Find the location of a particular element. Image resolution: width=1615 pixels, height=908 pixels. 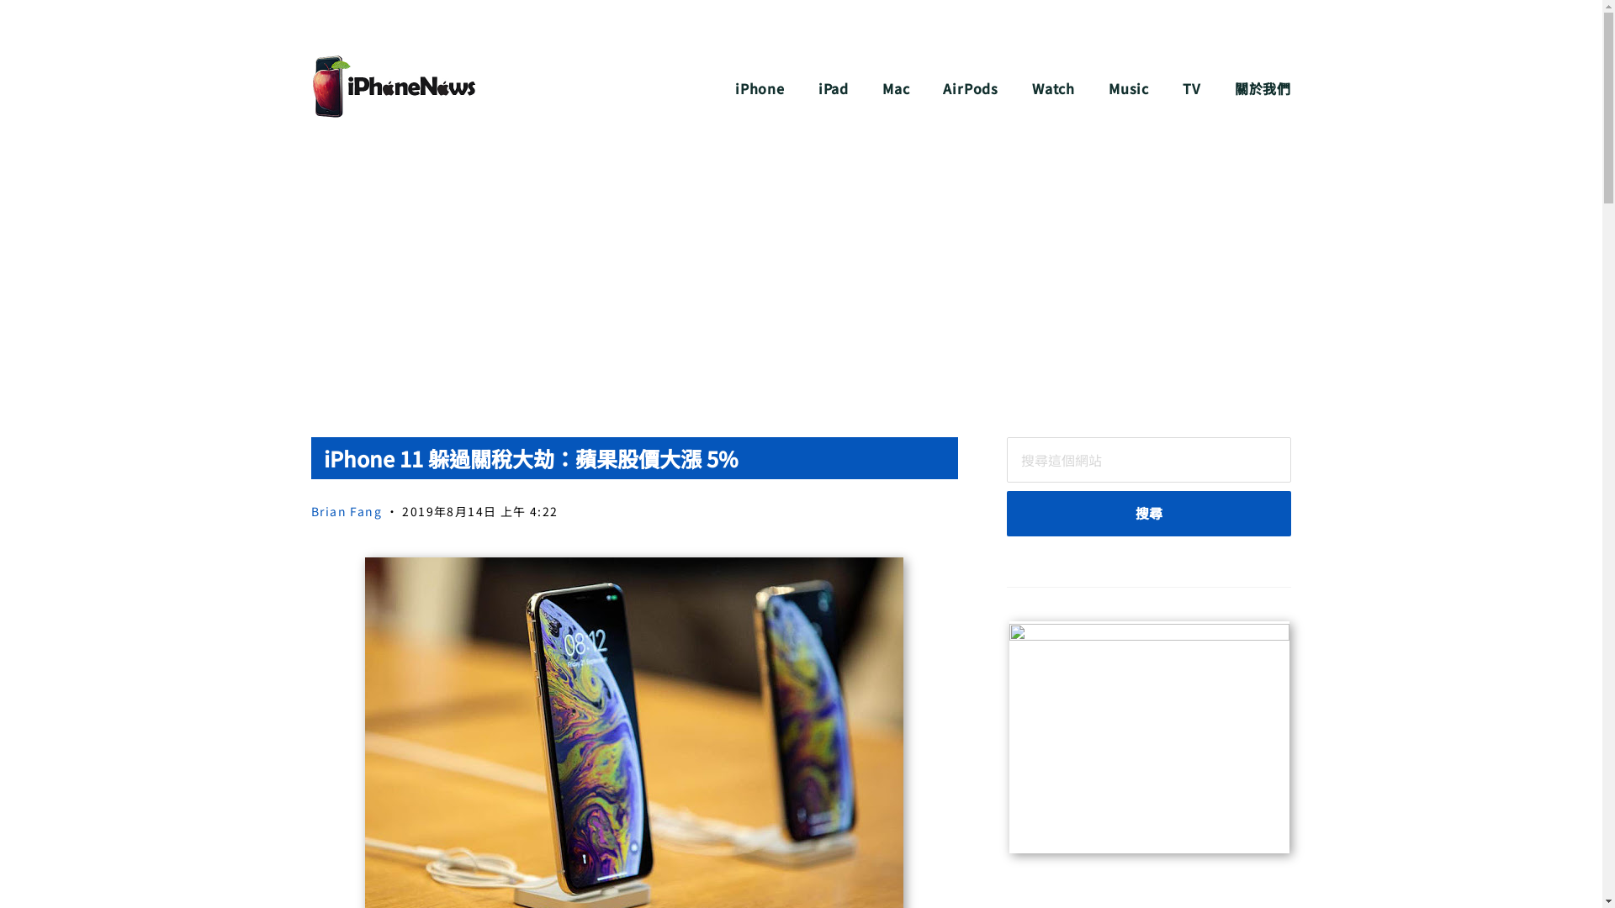

'iPhone' is located at coordinates (734, 88).